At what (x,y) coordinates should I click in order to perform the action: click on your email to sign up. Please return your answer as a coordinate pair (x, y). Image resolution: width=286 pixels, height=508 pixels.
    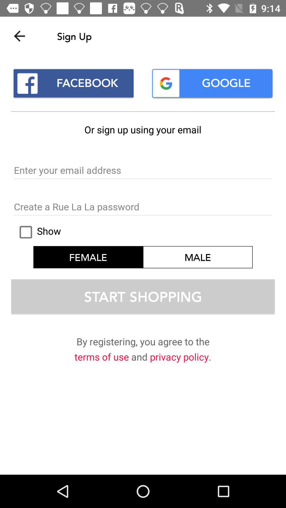
    Looking at the image, I should click on (143, 171).